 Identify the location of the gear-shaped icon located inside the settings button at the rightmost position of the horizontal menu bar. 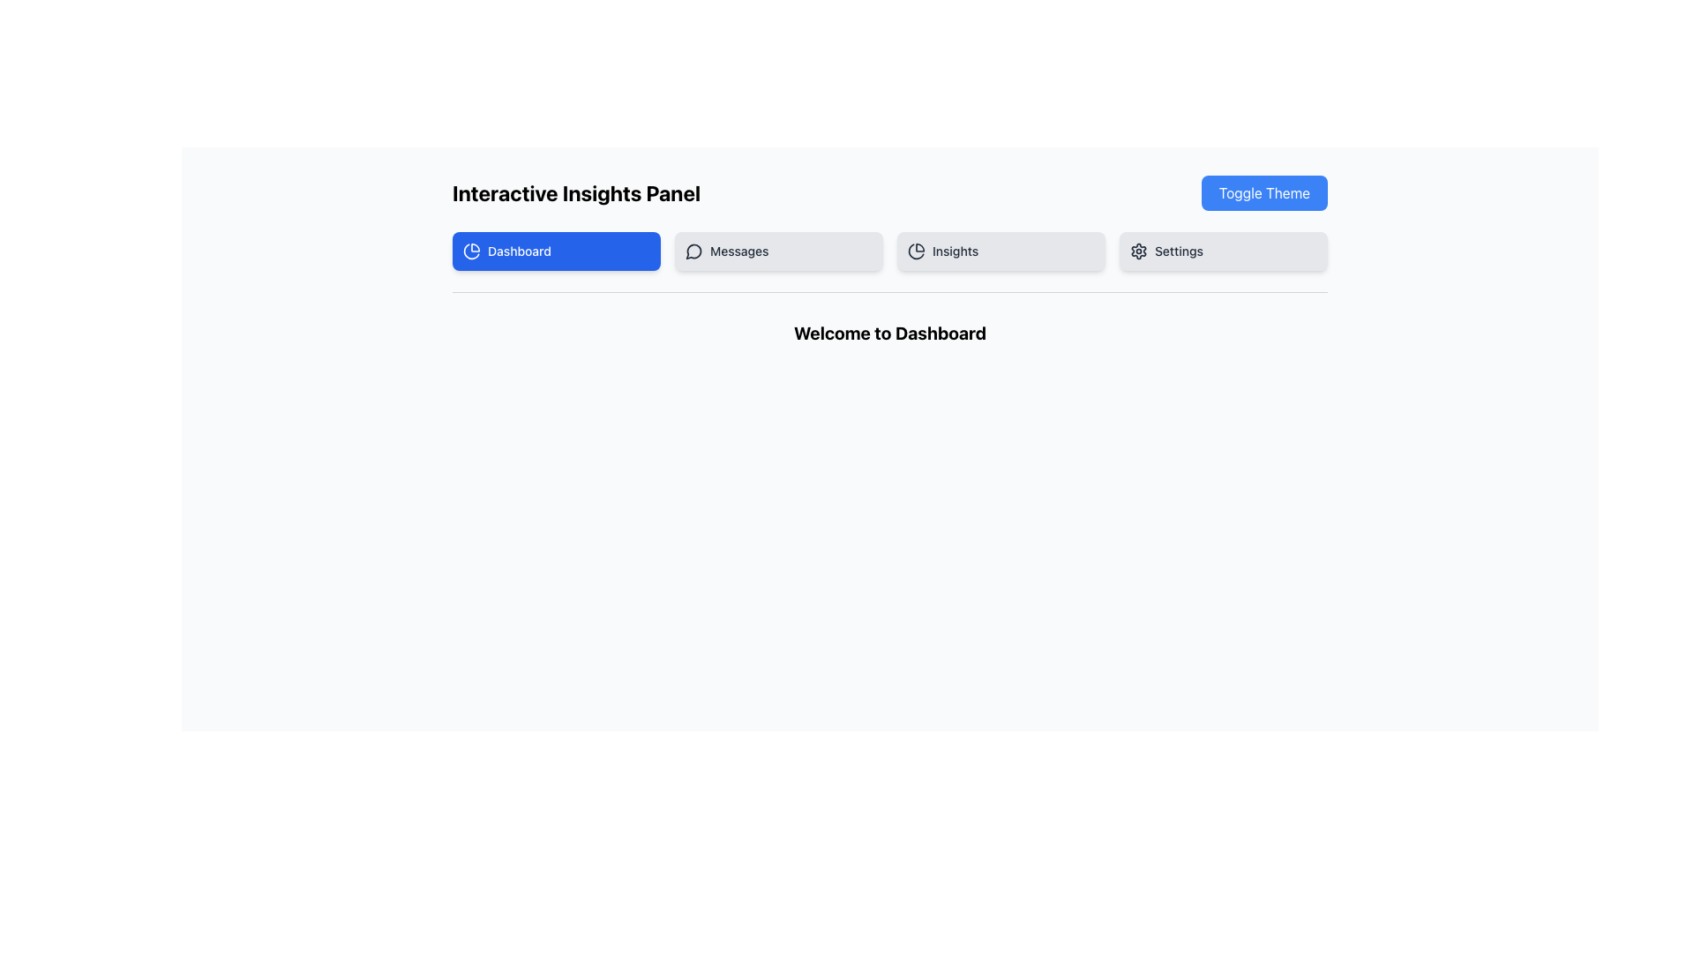
(1139, 251).